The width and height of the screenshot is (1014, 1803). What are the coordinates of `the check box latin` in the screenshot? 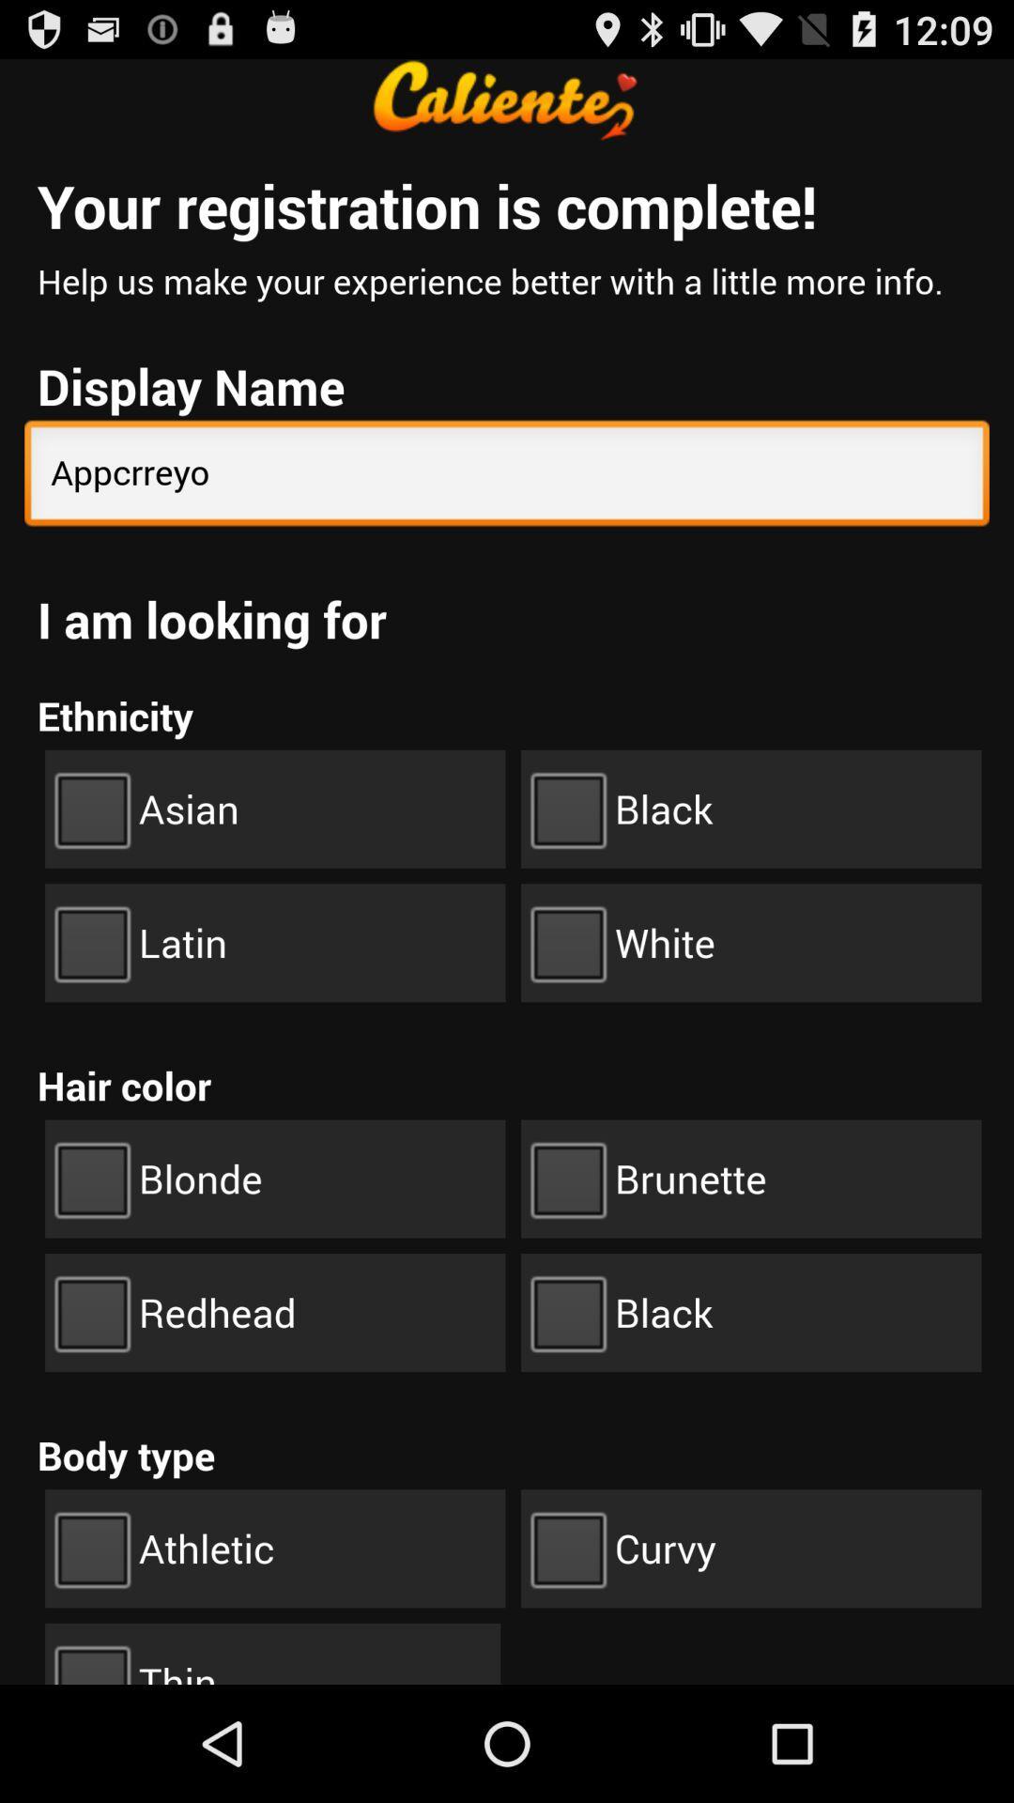 It's located at (275, 942).